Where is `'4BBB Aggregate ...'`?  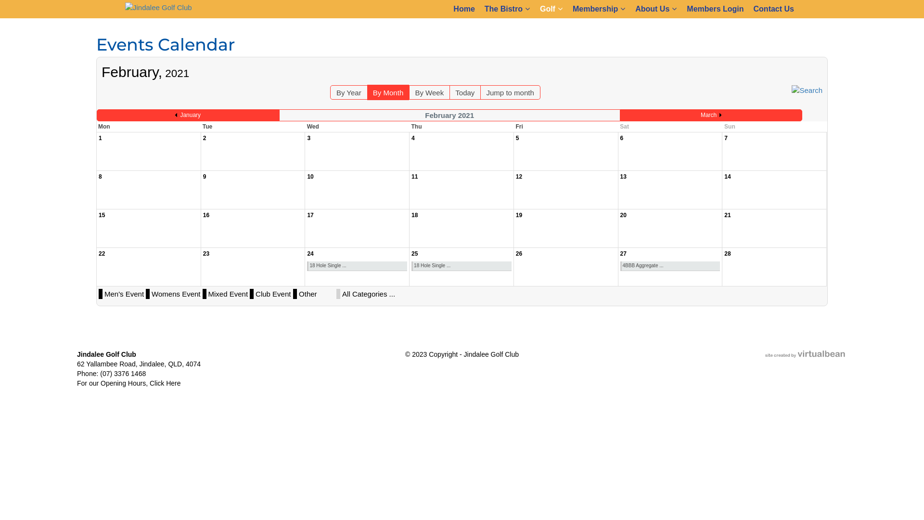
'4BBB Aggregate ...' is located at coordinates (670, 265).